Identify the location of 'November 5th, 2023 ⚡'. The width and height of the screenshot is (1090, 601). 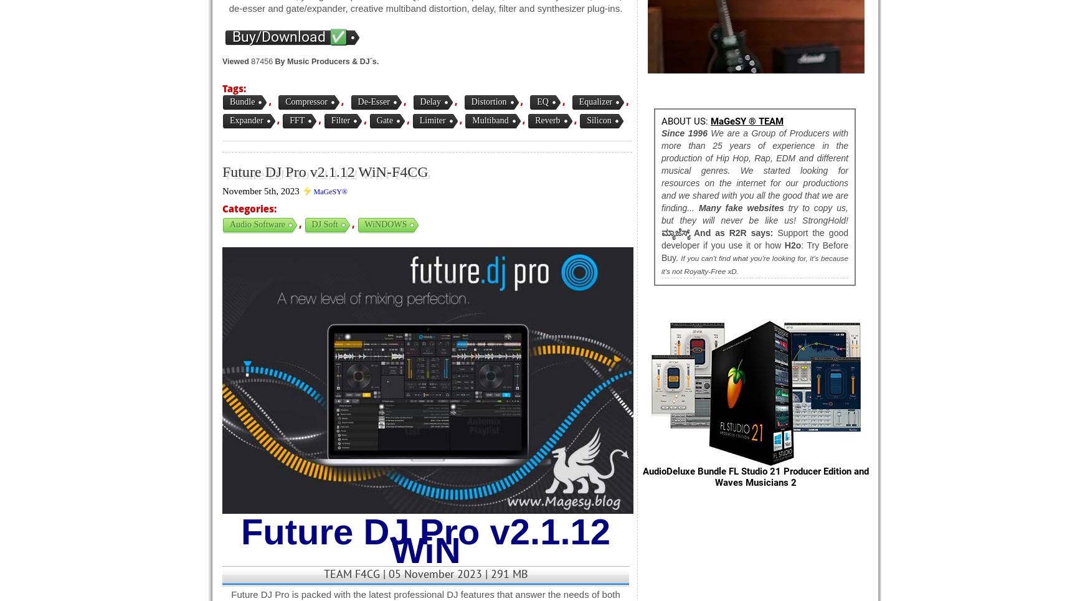
(267, 190).